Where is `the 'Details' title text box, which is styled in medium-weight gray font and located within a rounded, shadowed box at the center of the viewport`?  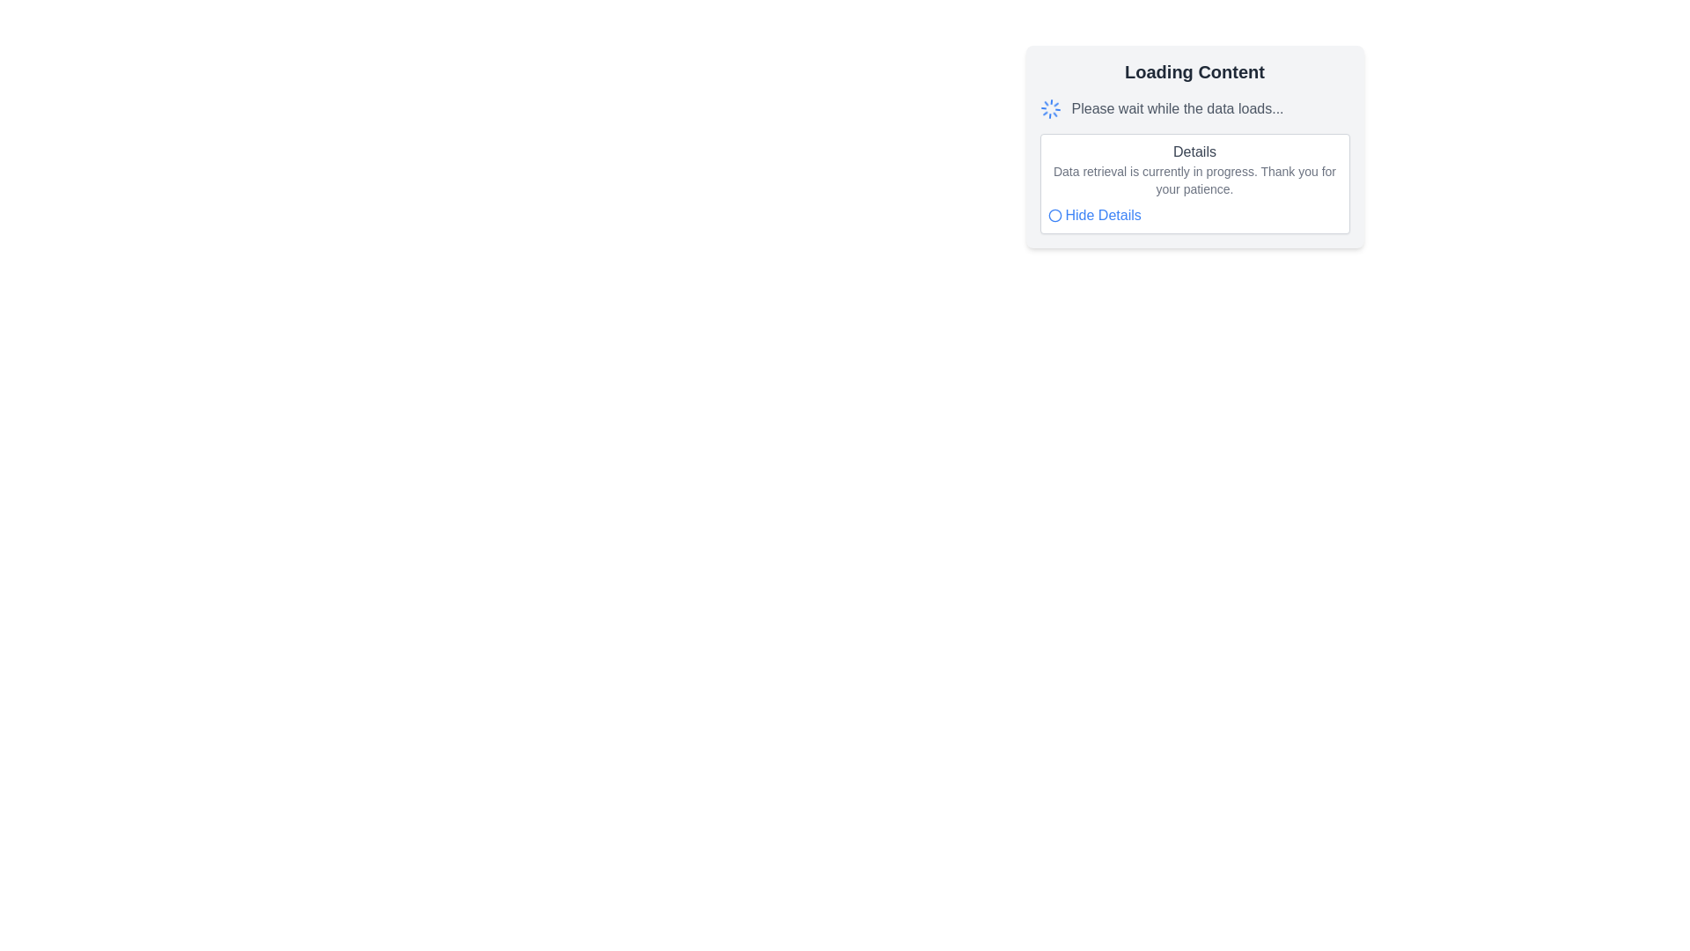 the 'Details' title text box, which is styled in medium-weight gray font and located within a rounded, shadowed box at the center of the viewport is located at coordinates (1194, 145).